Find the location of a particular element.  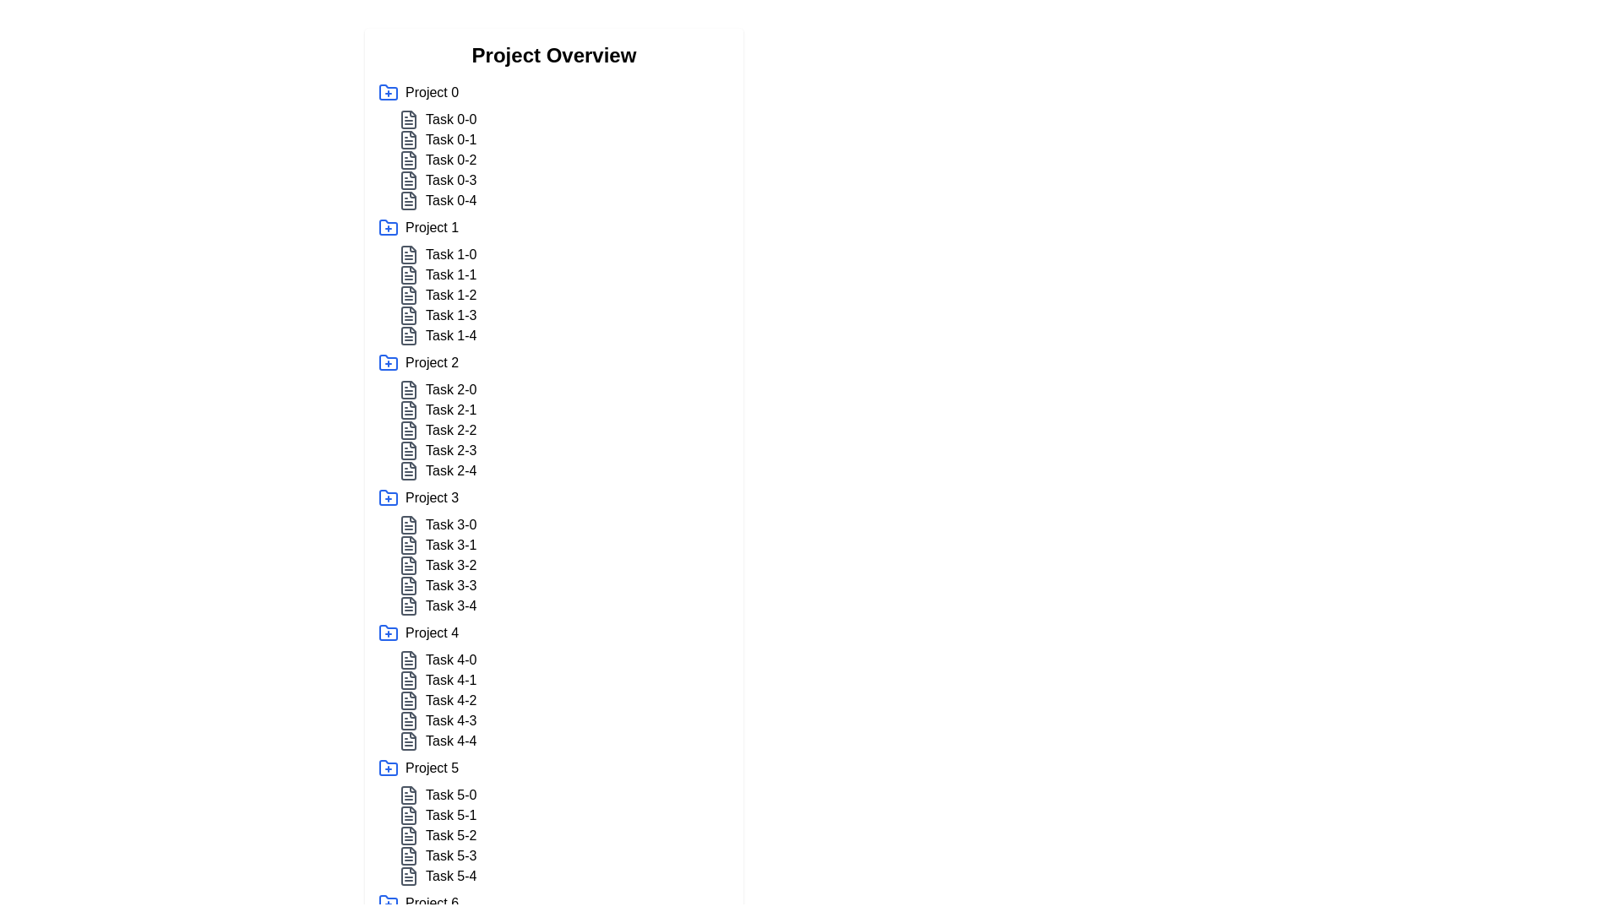

the file-shaped icon located under 'Project 2' next to 'Task 2-0' is located at coordinates (409, 390).